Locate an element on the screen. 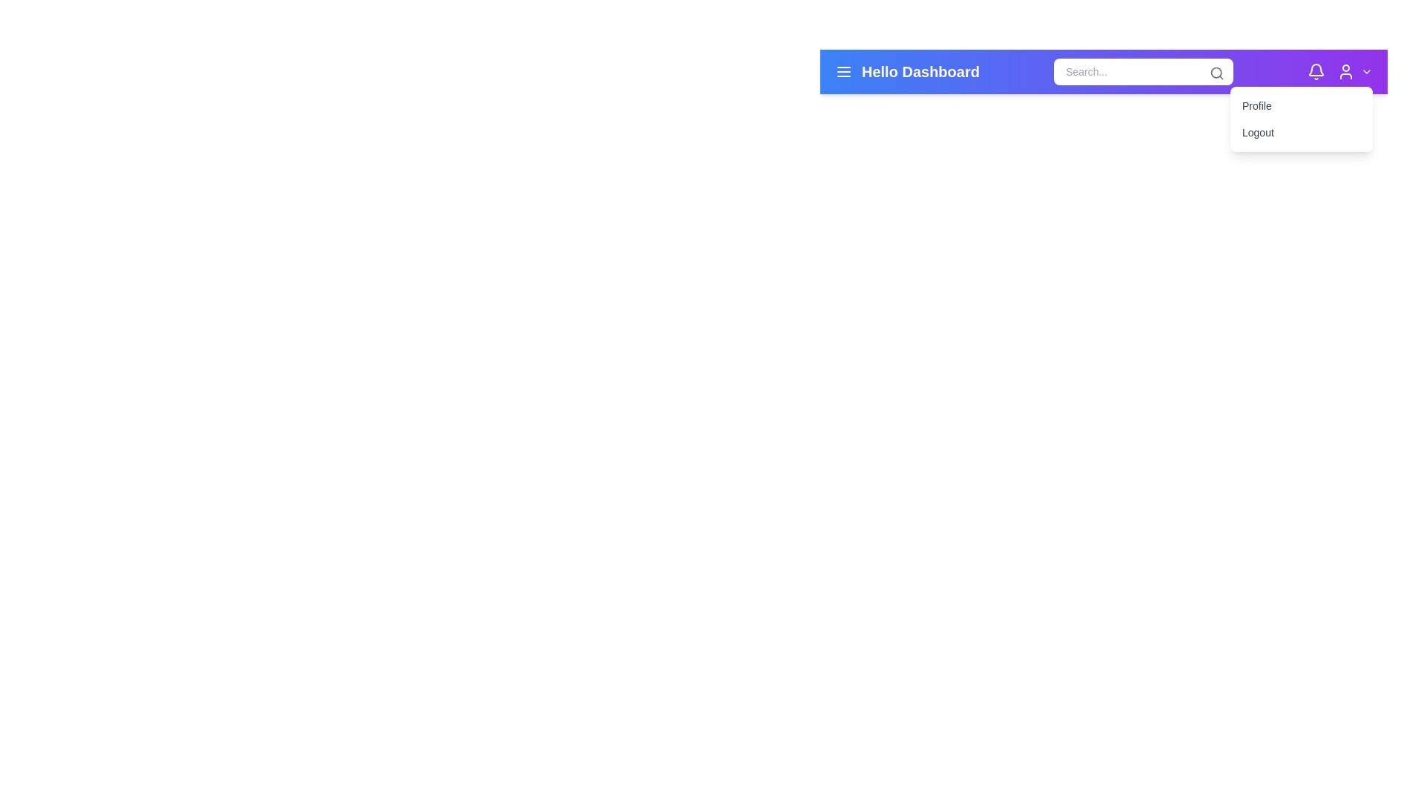 The height and width of the screenshot is (801, 1424). the SVG Icon that indicates the function of the search input field, located at the top-right corner of the search input box is located at coordinates (1216, 73).